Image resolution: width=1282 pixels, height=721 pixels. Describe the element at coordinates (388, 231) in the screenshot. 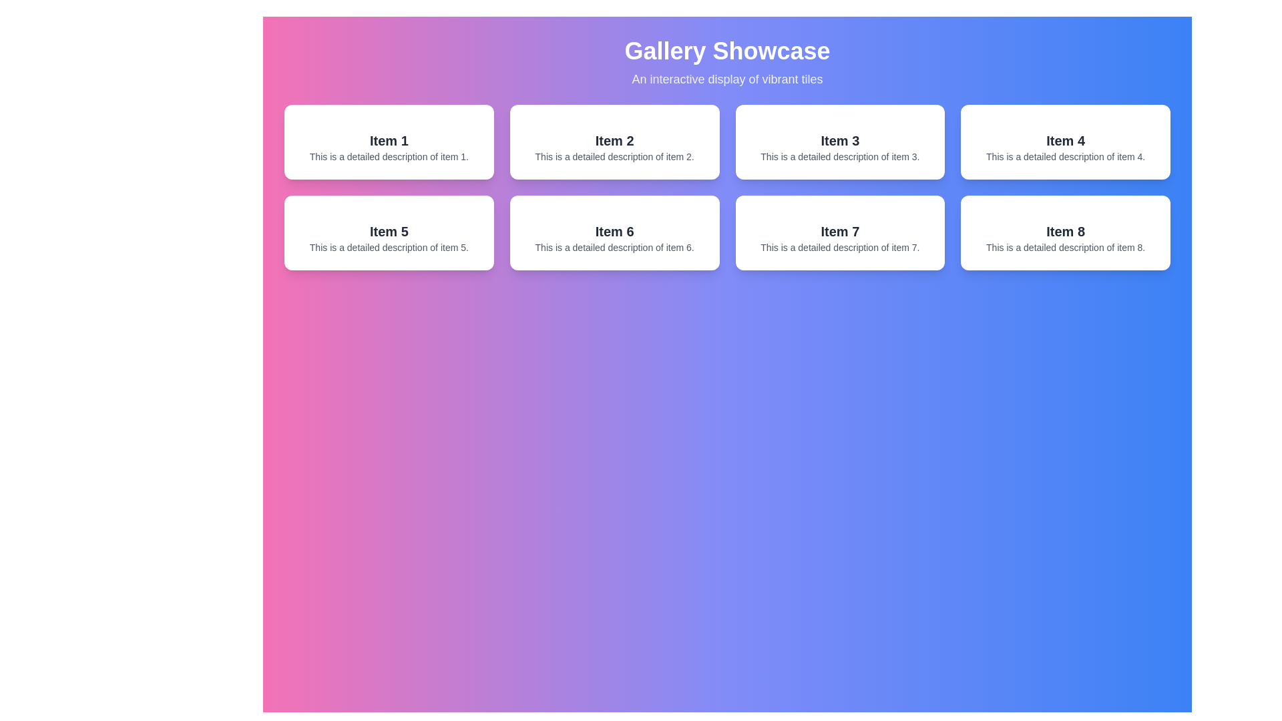

I see `bold black text labeled 'Item 5' located in the second row, first column of the card grid layout, positioned above the descriptive text and beneath an image placeholder` at that location.